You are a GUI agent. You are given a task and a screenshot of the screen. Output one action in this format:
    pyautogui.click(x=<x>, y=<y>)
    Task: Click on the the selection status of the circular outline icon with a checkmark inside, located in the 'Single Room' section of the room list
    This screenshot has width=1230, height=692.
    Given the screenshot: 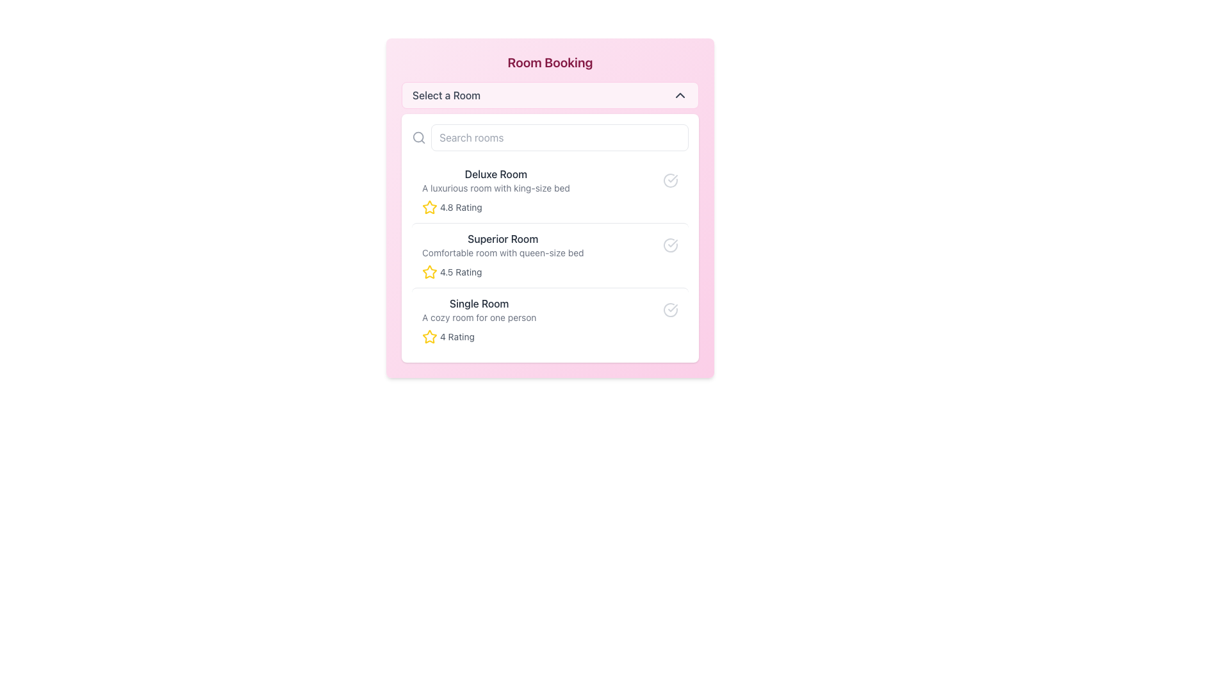 What is the action you would take?
    pyautogui.click(x=669, y=309)
    